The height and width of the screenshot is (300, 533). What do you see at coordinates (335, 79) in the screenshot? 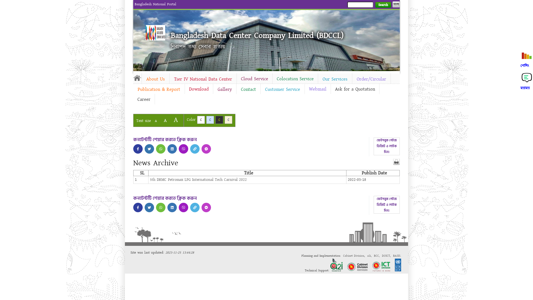
I see `'Our Services'` at bounding box center [335, 79].